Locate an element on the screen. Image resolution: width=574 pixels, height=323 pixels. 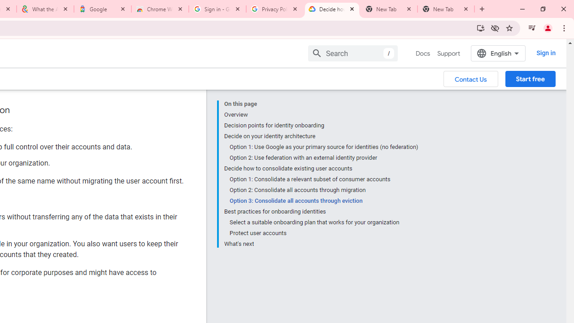
'Google' is located at coordinates (103, 9).